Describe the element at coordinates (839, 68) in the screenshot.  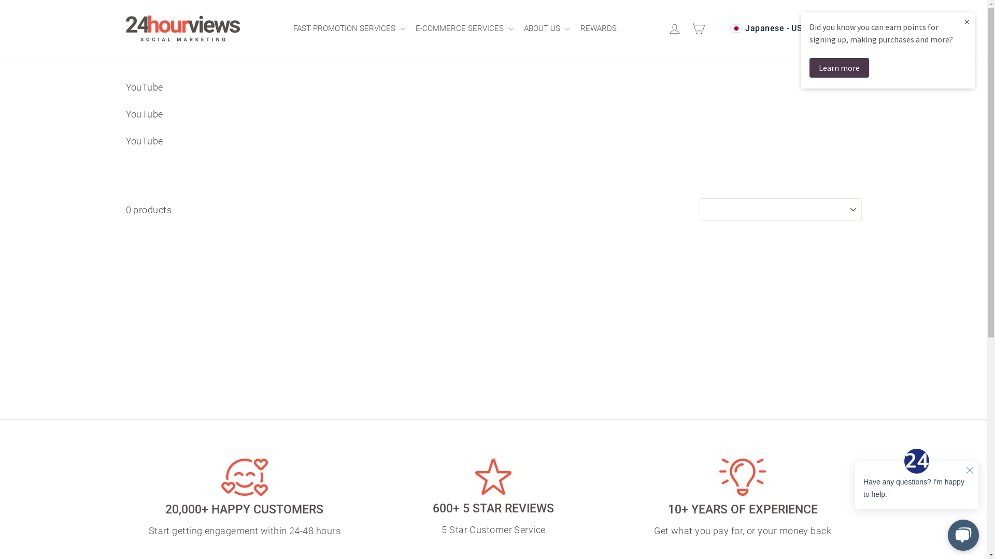
I see `'Learn more'` at that location.